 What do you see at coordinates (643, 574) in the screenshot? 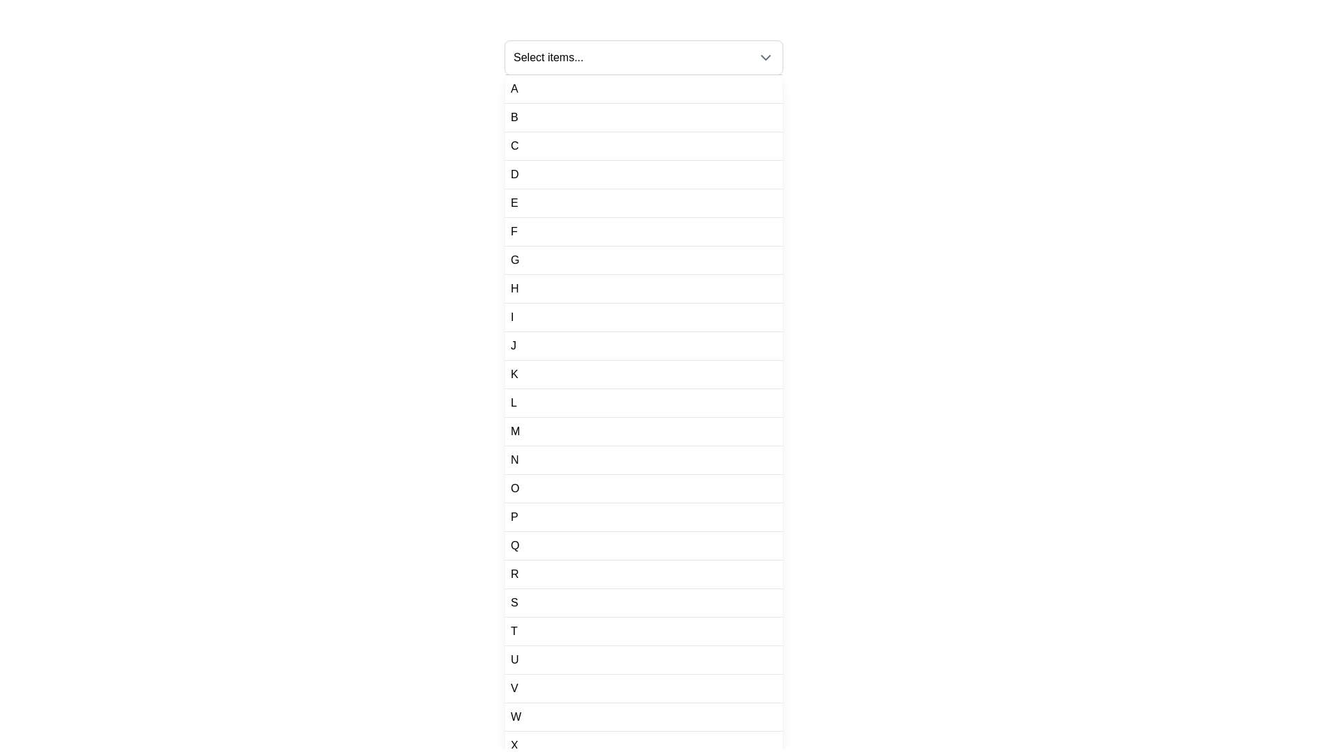
I see `the selectable list item containing the bold letter 'R'` at bounding box center [643, 574].